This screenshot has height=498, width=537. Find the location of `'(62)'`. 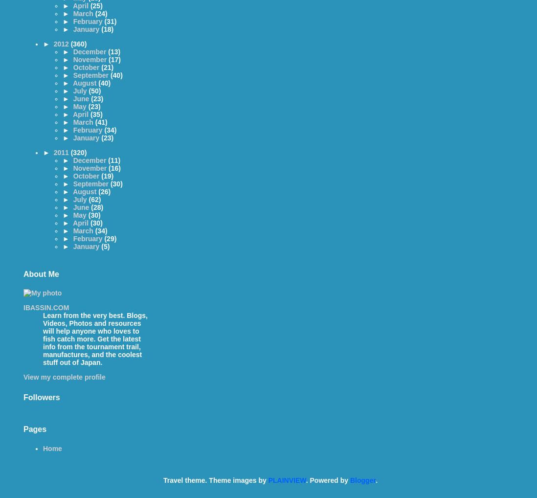

'(62)' is located at coordinates (94, 199).